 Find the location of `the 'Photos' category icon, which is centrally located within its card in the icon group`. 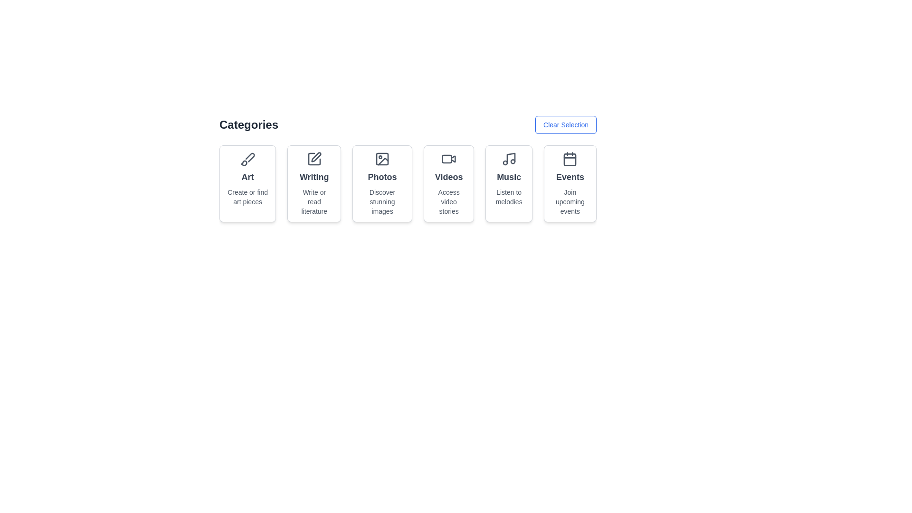

the 'Photos' category icon, which is centrally located within its card in the icon group is located at coordinates (383, 161).